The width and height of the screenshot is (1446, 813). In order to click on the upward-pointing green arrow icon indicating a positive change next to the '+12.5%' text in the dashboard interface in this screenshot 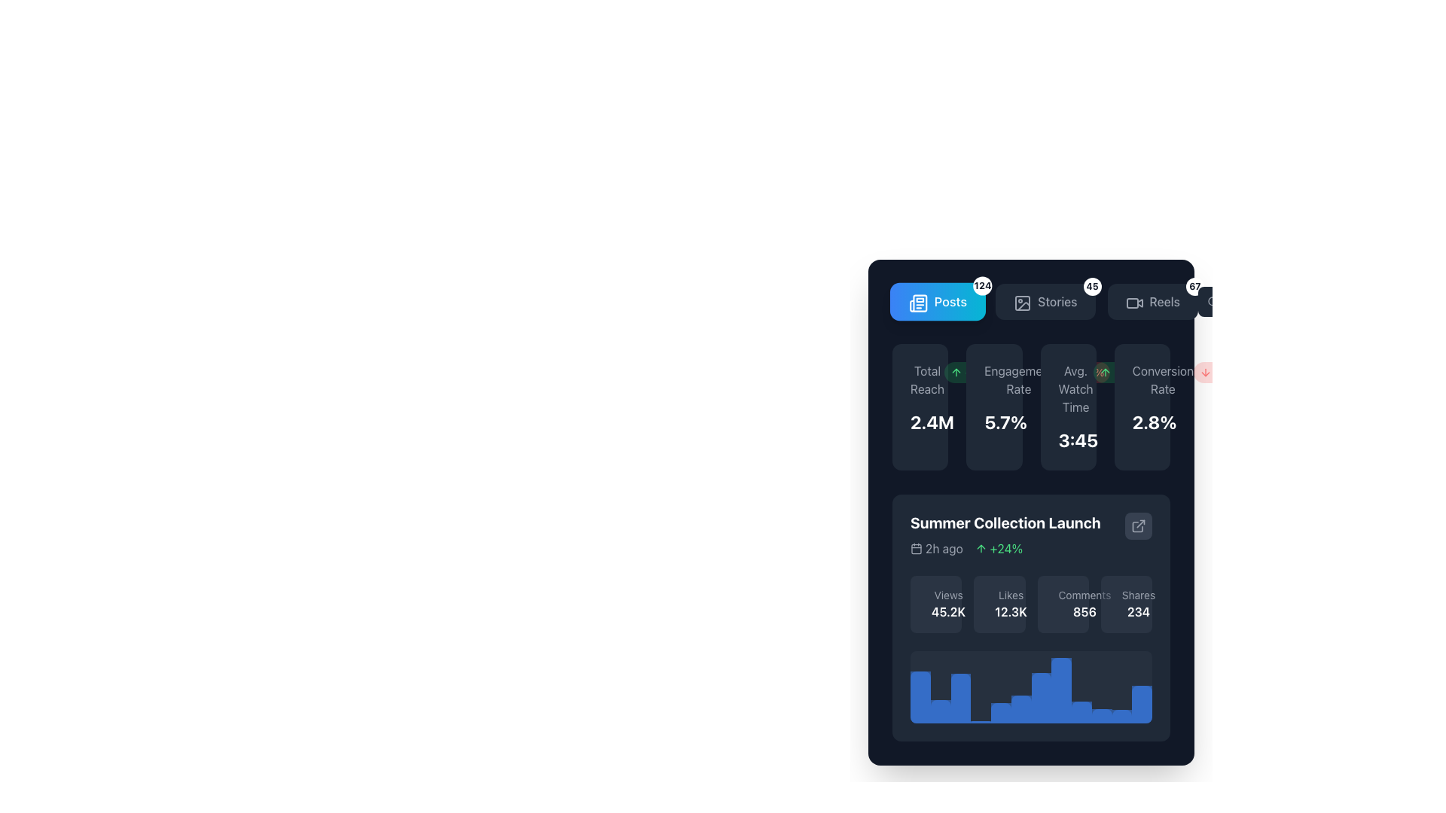, I will do `click(956, 372)`.